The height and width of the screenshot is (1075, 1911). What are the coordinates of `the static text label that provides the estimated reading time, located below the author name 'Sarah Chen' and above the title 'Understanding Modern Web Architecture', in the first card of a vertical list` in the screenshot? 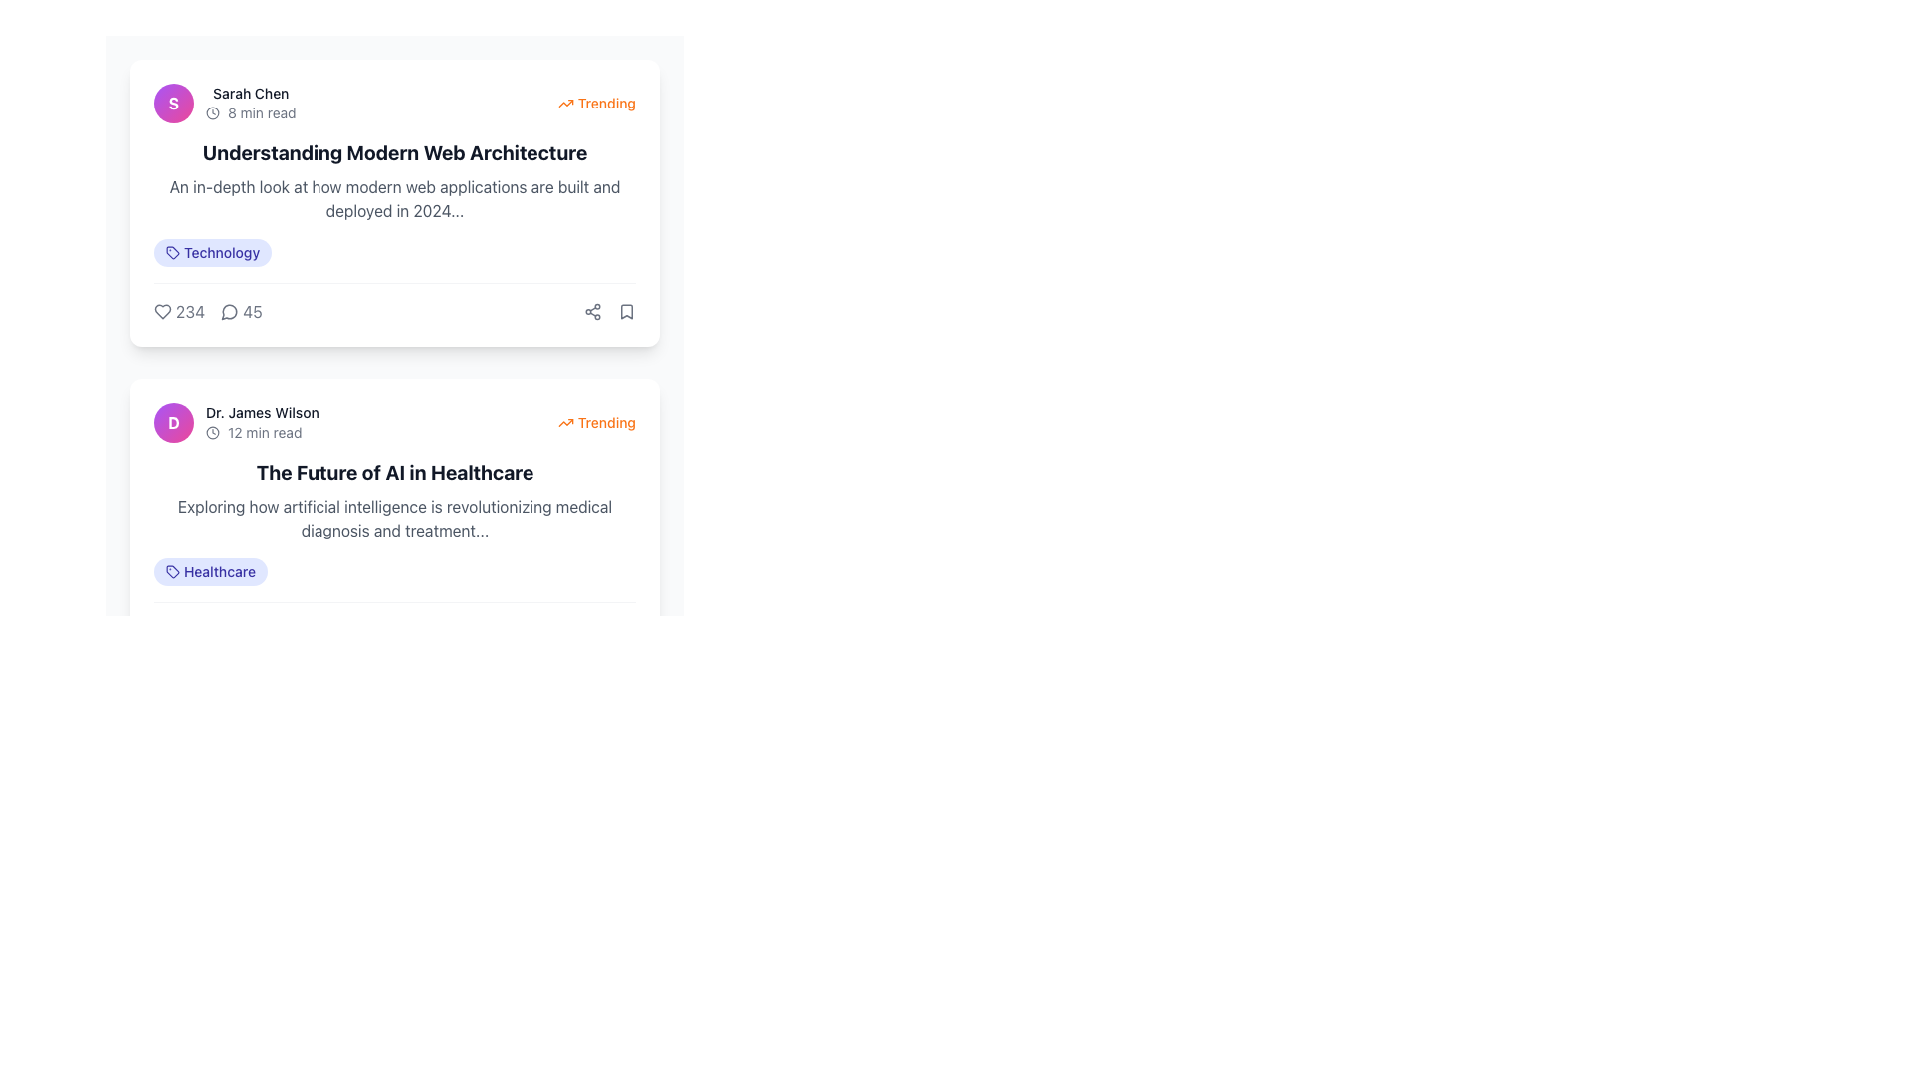 It's located at (261, 113).